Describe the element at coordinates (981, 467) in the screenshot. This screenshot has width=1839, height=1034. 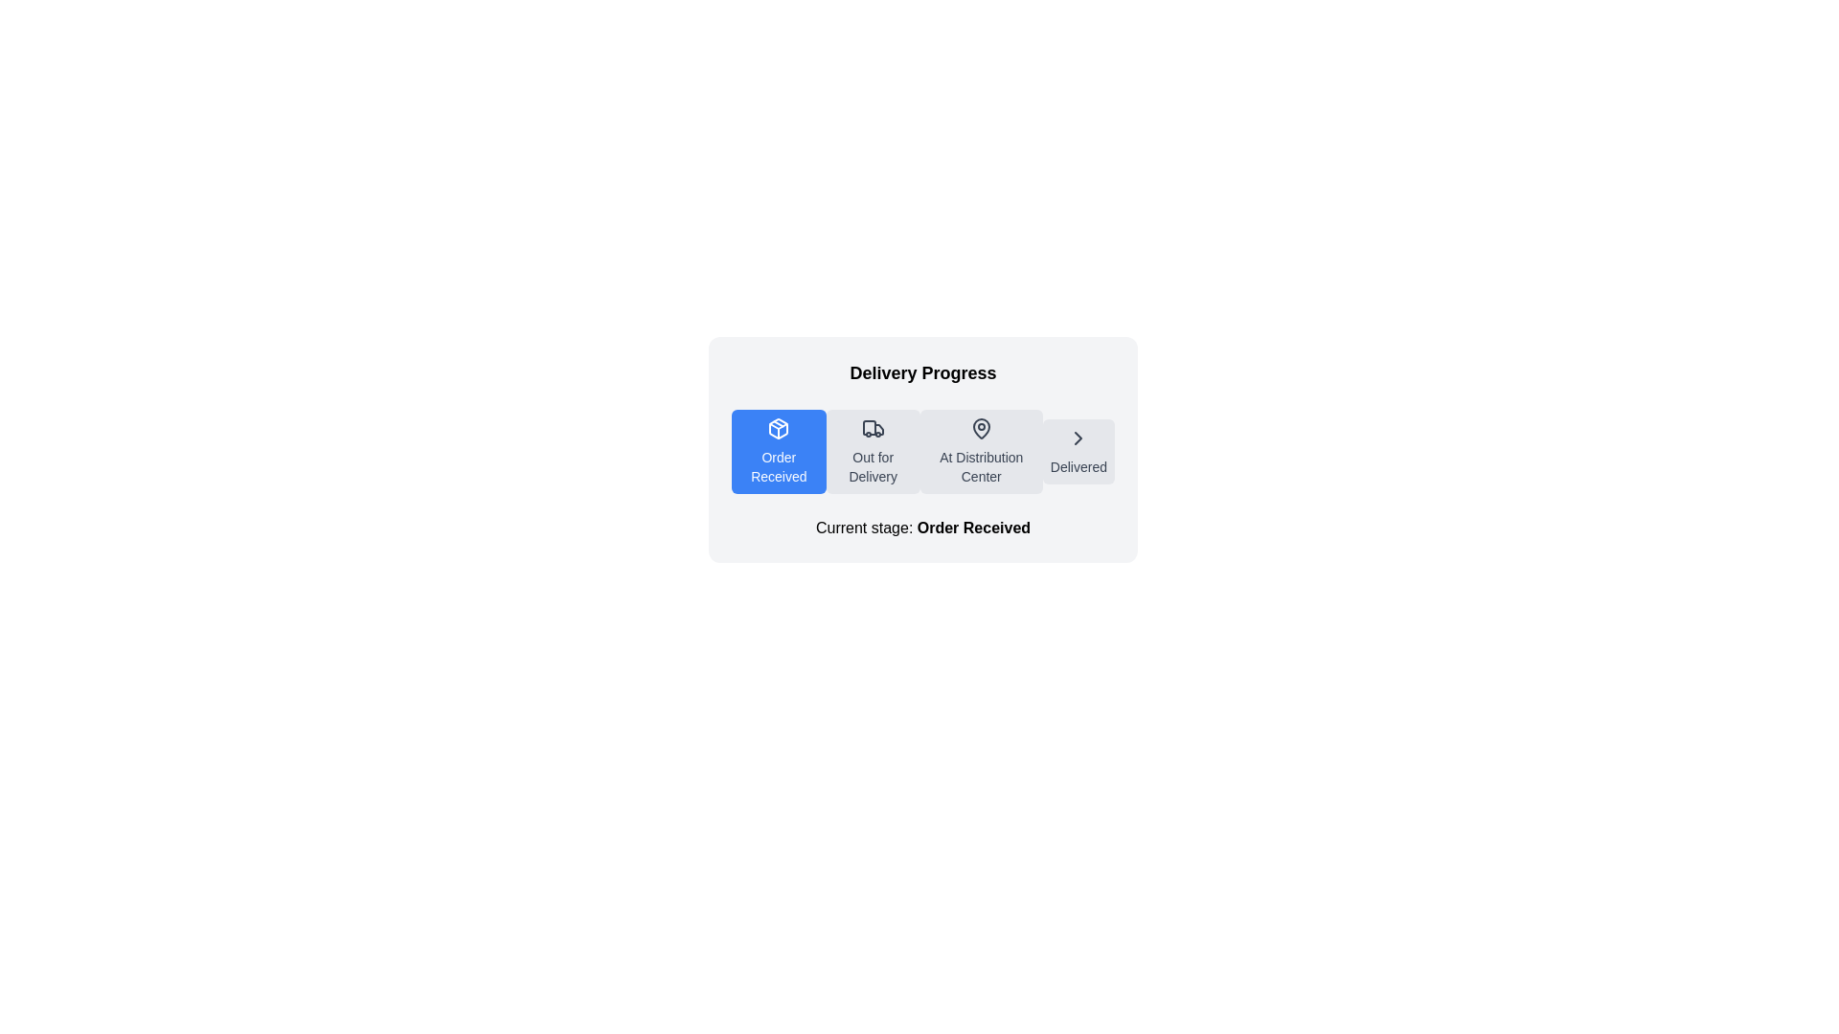
I see `text label indicating that the package is at a distribution center, located below the map pin icon in the third step of the delivery progress bar` at that location.